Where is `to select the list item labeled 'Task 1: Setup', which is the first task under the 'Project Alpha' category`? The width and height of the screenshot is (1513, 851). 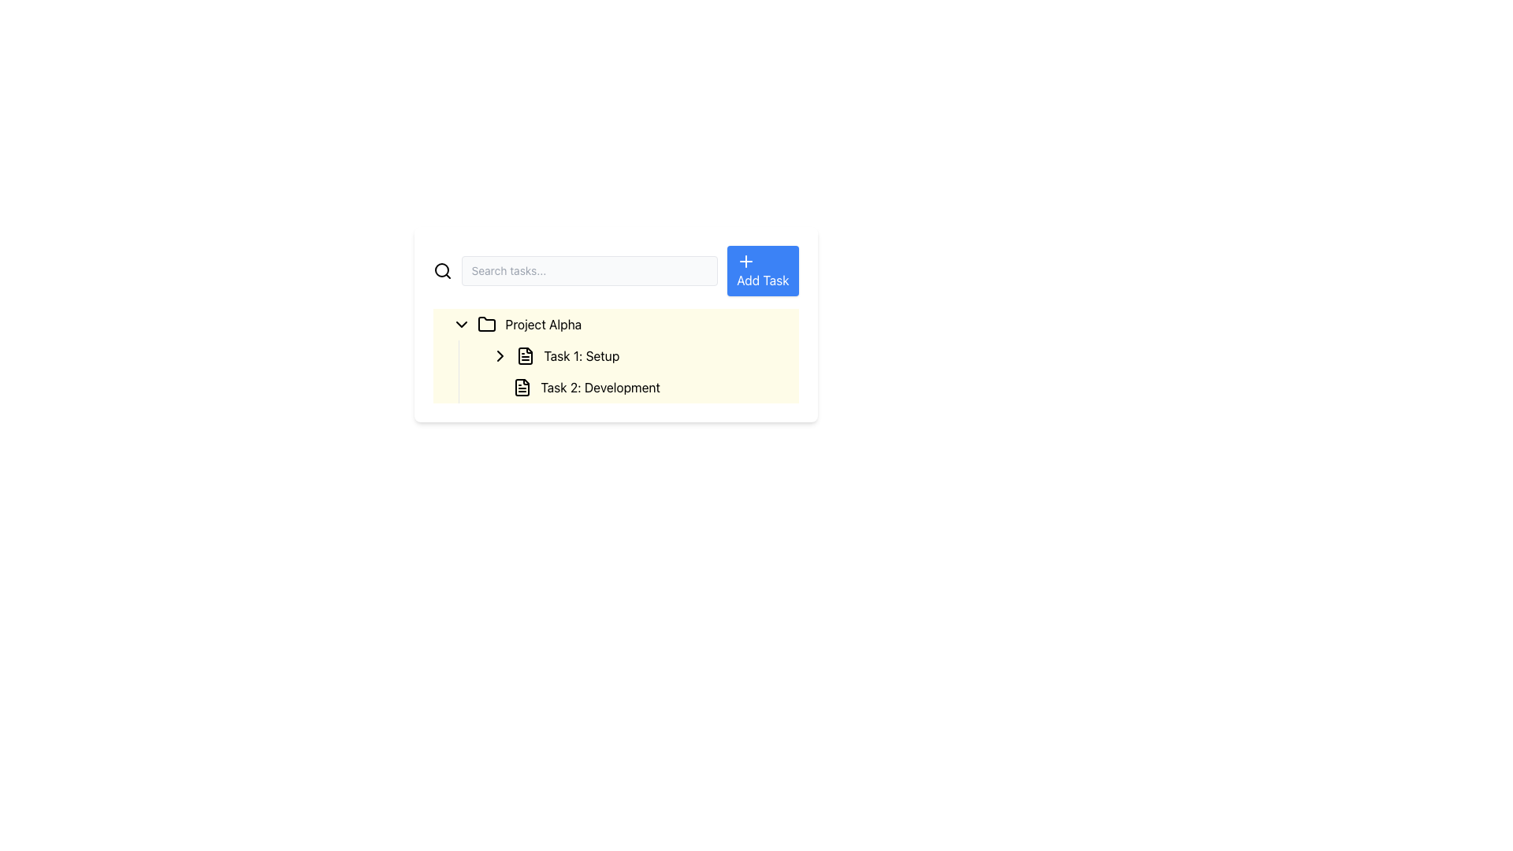 to select the list item labeled 'Task 1: Setup', which is the first task under the 'Project Alpha' category is located at coordinates (615, 355).